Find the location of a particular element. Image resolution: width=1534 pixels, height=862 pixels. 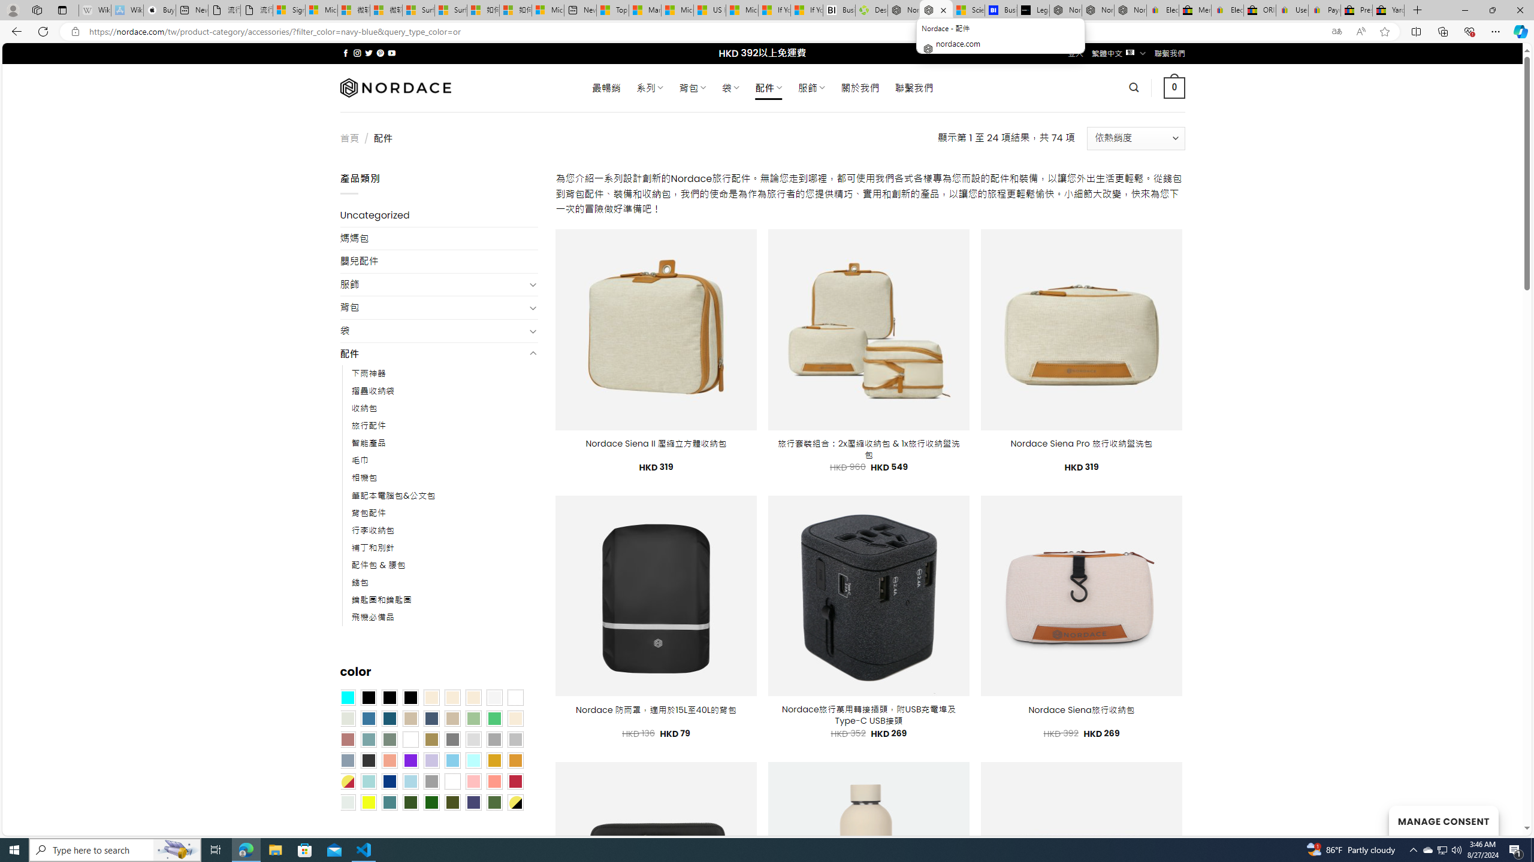

'Buy iPad - Apple' is located at coordinates (159, 10).